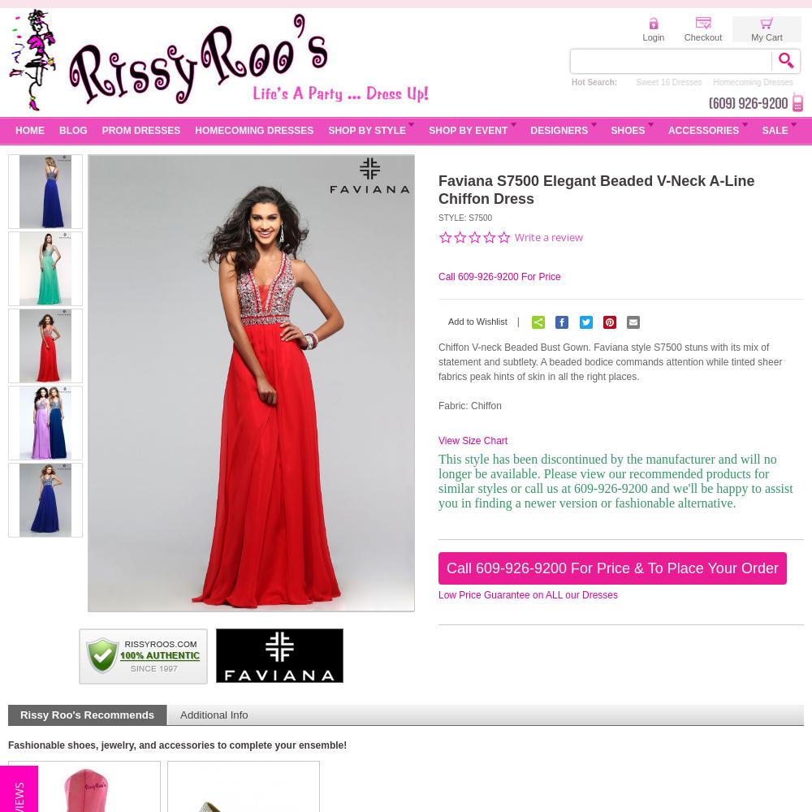  What do you see at coordinates (72, 131) in the screenshot?
I see `'Blog'` at bounding box center [72, 131].